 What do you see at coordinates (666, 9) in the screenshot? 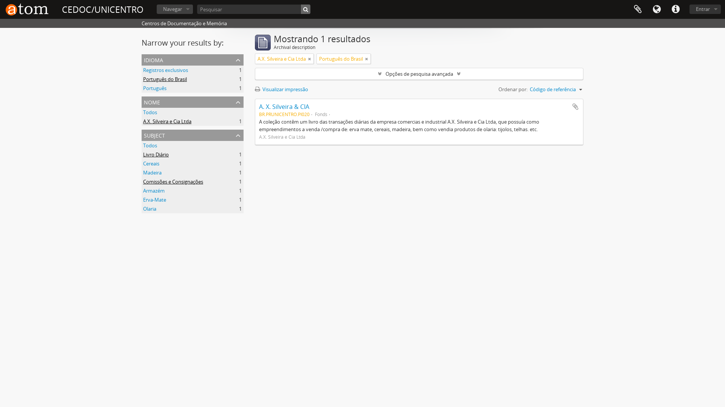
I see `'Atalhos'` at bounding box center [666, 9].